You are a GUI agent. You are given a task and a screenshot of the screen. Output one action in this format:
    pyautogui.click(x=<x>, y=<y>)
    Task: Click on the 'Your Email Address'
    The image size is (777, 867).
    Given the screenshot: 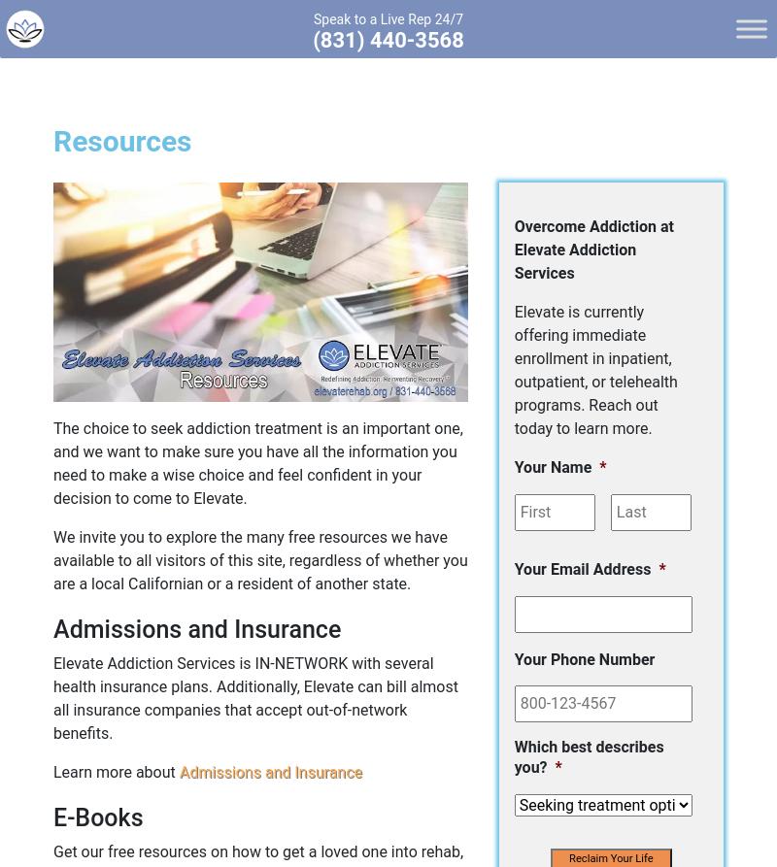 What is the action you would take?
    pyautogui.click(x=513, y=567)
    